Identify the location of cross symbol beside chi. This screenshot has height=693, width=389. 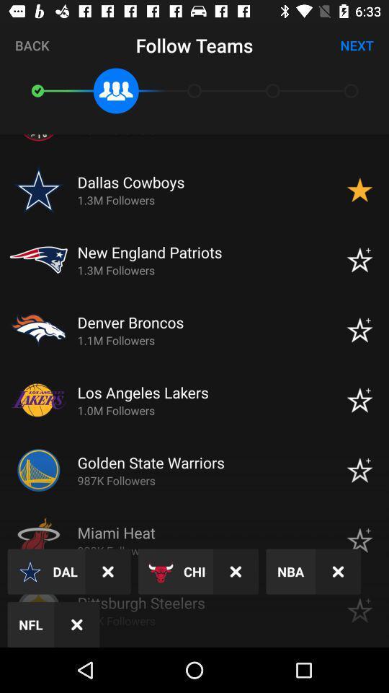
(236, 572).